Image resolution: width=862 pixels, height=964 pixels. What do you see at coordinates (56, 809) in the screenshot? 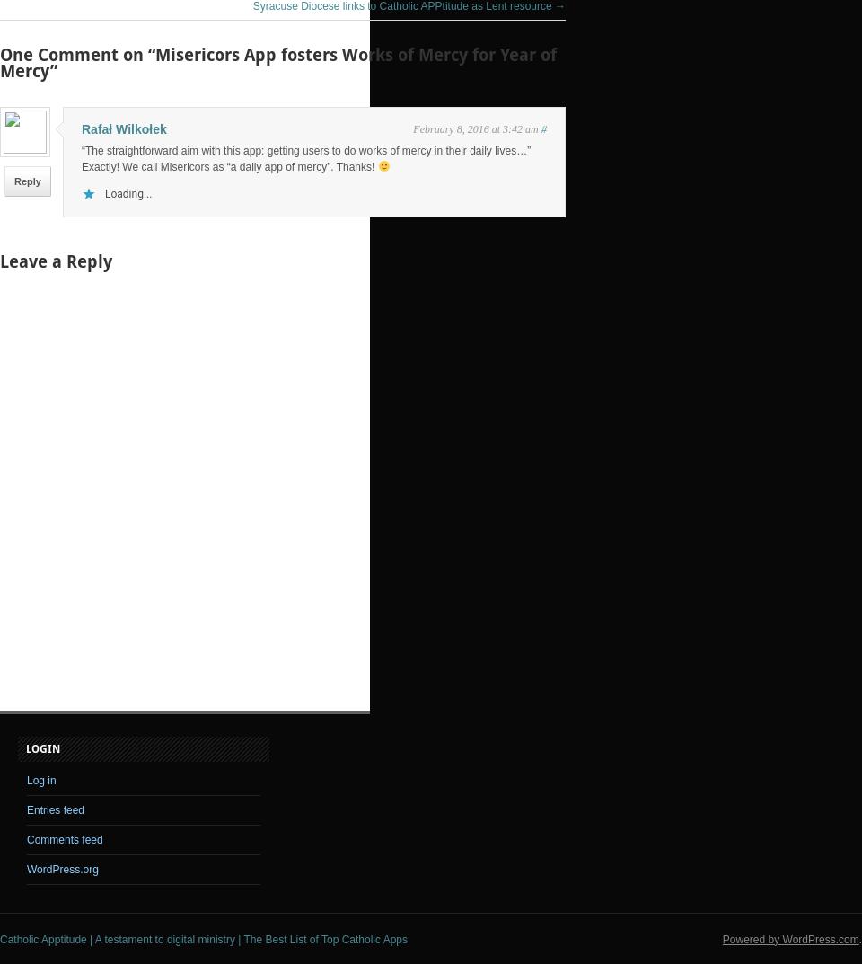
I see `'Entries feed'` at bounding box center [56, 809].